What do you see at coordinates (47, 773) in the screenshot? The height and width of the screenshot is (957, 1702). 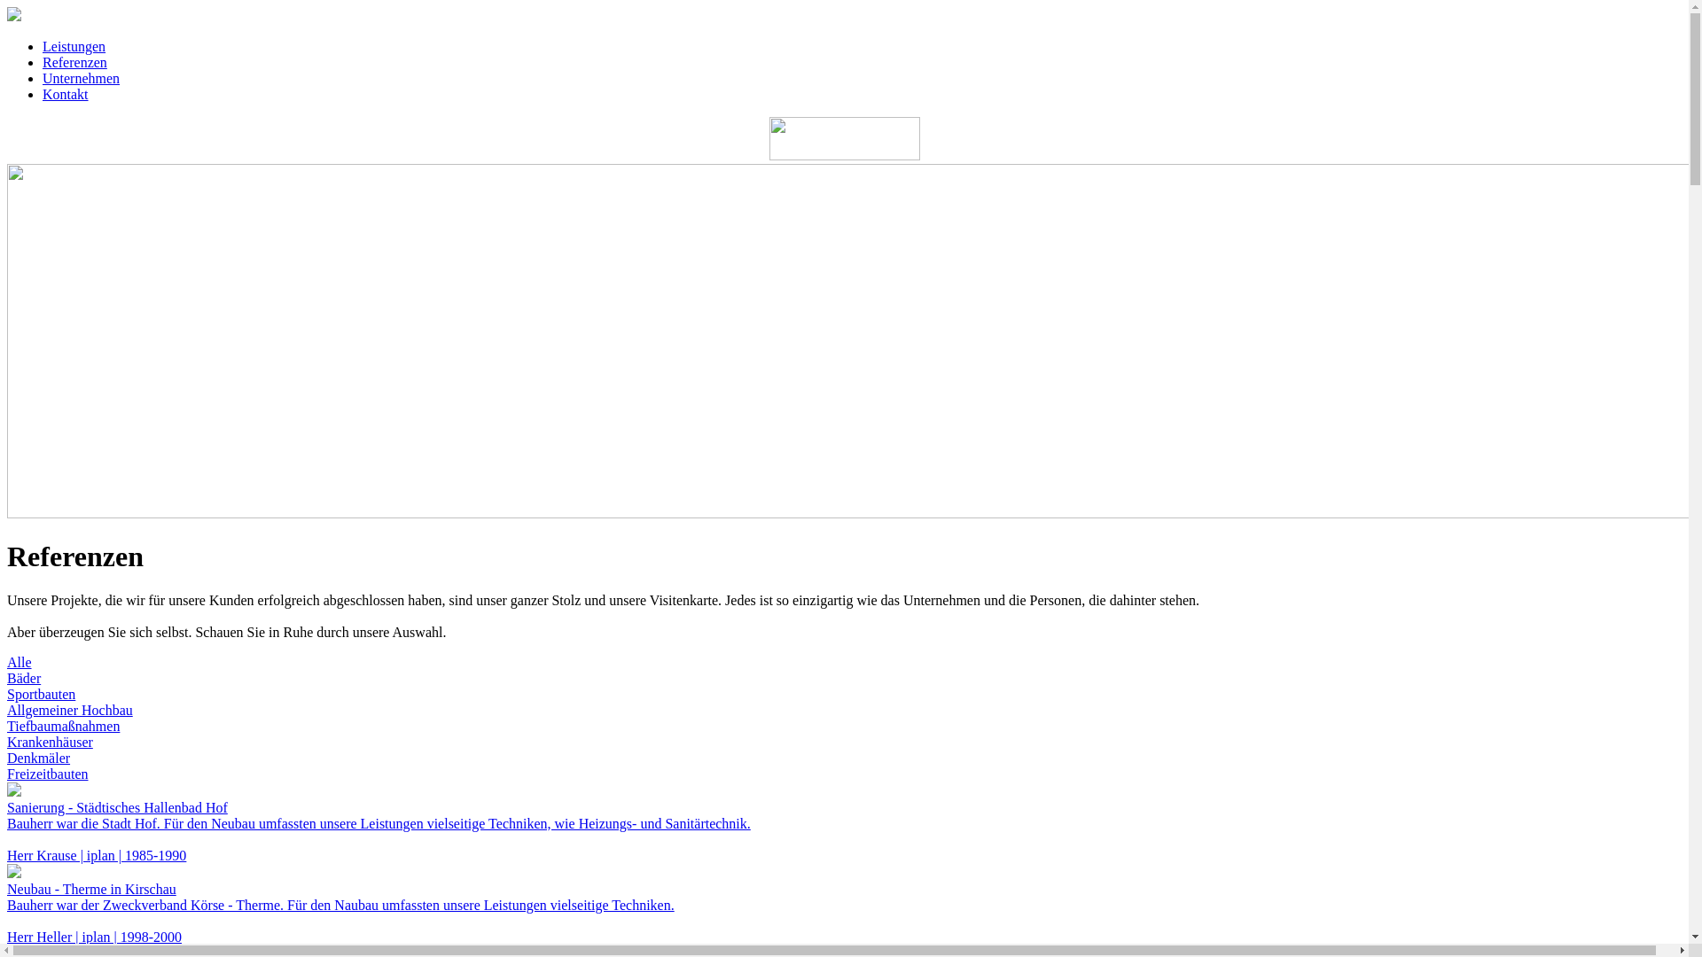 I see `'Freizeitbauten'` at bounding box center [47, 773].